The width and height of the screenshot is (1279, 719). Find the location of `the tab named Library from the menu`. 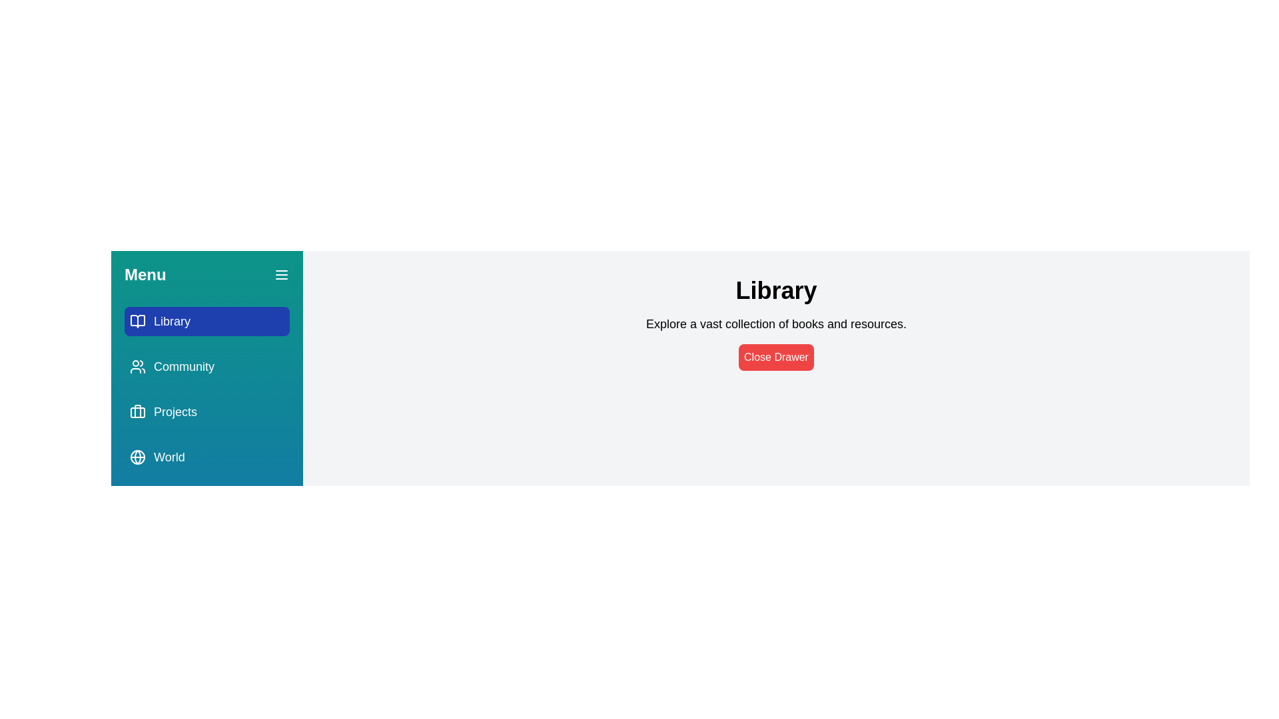

the tab named Library from the menu is located at coordinates (207, 321).